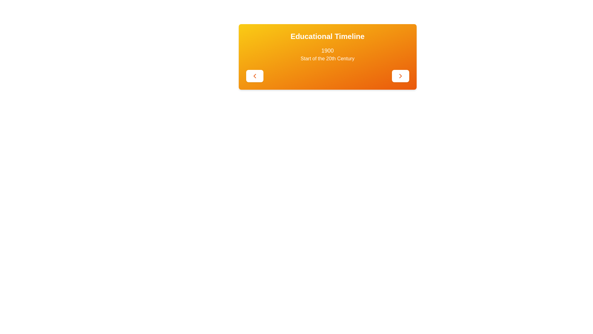 Image resolution: width=593 pixels, height=334 pixels. What do you see at coordinates (327, 50) in the screenshot?
I see `the Text Label that displays '1900' in bold and large font size, located near the top center of the gradient orange background, positioned above 'Start of the 20th Century' and beneath 'Educational Timeline'` at bounding box center [327, 50].